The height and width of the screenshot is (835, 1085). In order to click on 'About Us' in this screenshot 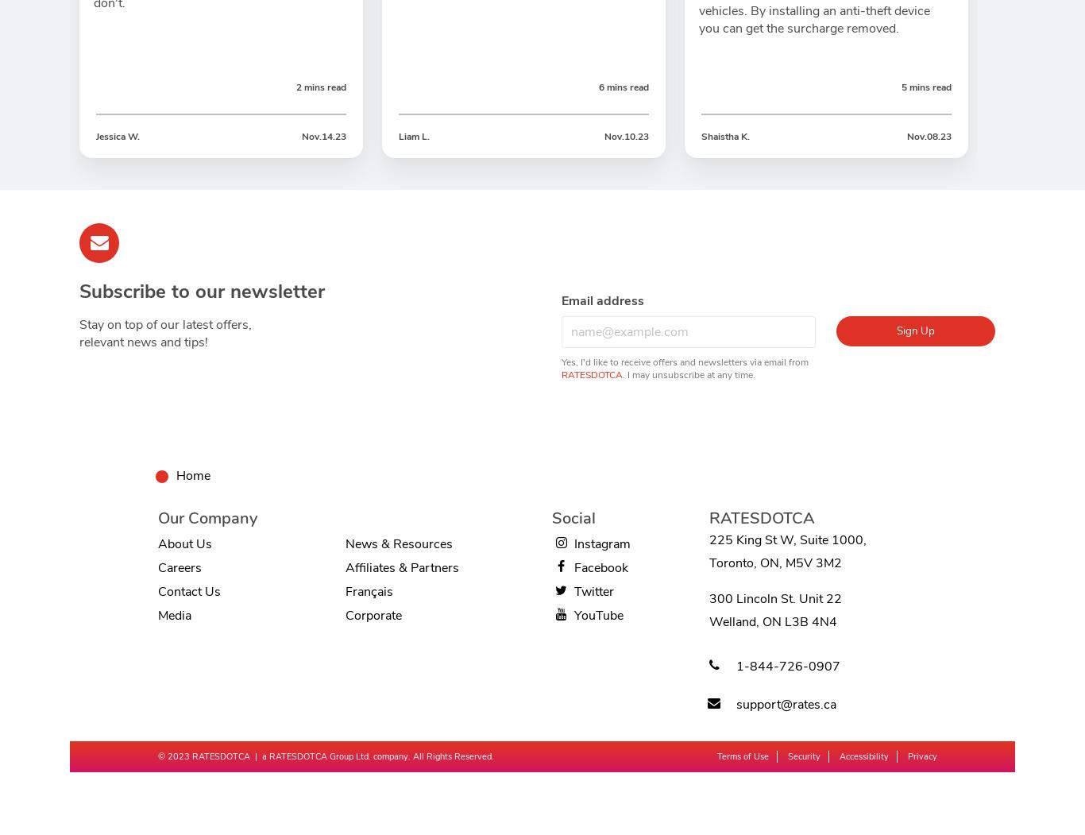, I will do `click(185, 544)`.